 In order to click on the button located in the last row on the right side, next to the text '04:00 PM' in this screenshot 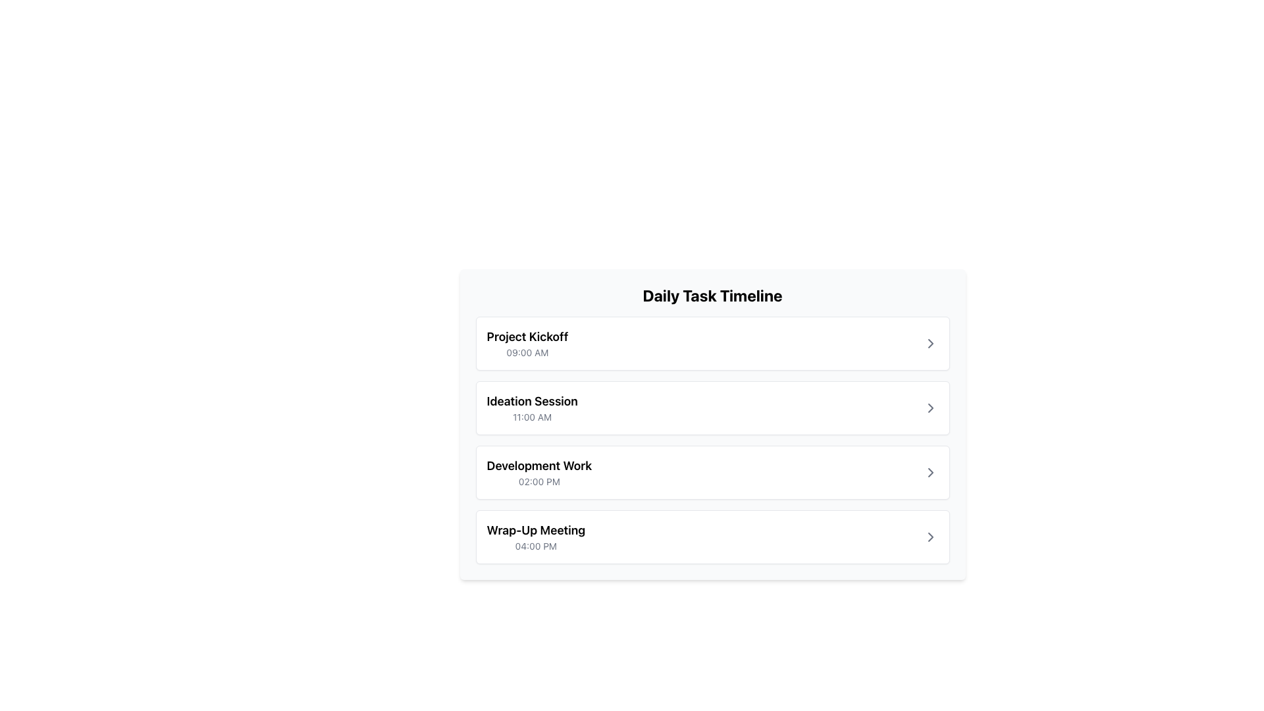, I will do `click(930, 537)`.